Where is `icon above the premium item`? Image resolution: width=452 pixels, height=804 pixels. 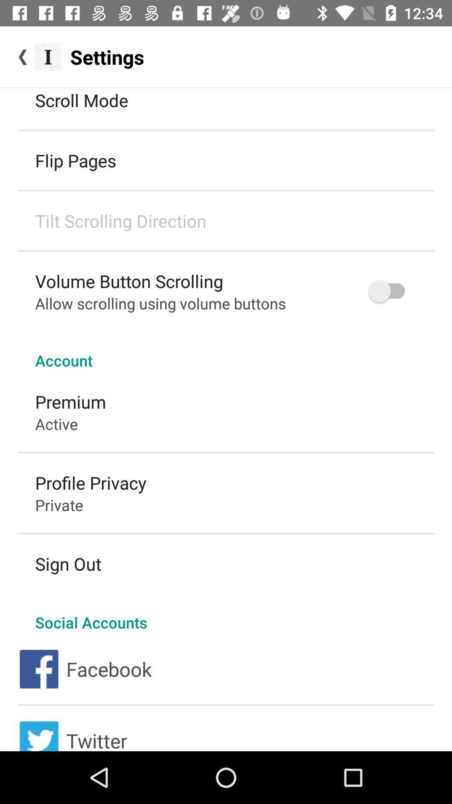
icon above the premium item is located at coordinates (226, 352).